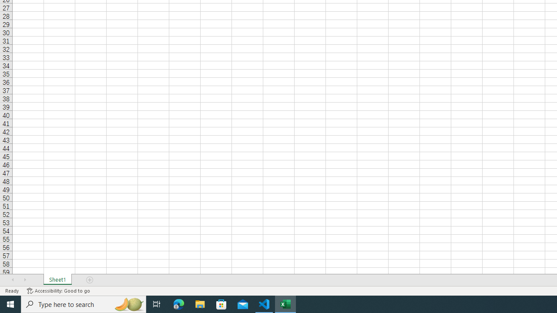 Image resolution: width=557 pixels, height=313 pixels. What do you see at coordinates (156, 303) in the screenshot?
I see `'Task View'` at bounding box center [156, 303].